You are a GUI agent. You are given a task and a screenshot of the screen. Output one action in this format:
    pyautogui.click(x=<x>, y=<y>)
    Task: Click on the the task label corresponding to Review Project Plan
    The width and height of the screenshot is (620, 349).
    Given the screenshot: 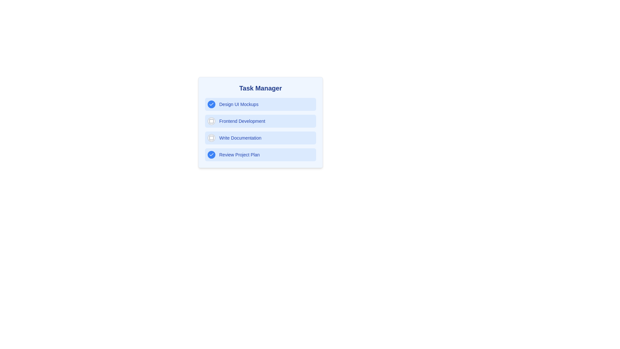 What is the action you would take?
    pyautogui.click(x=239, y=154)
    